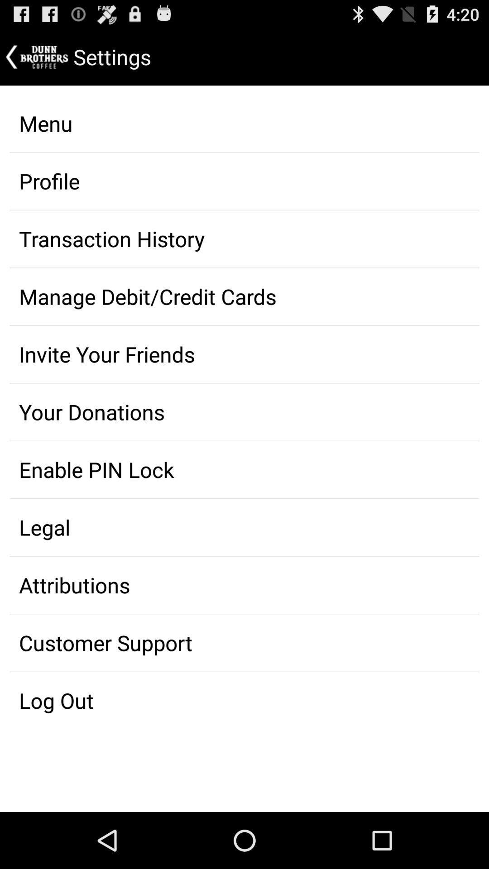  I want to click on attributions, so click(244, 585).